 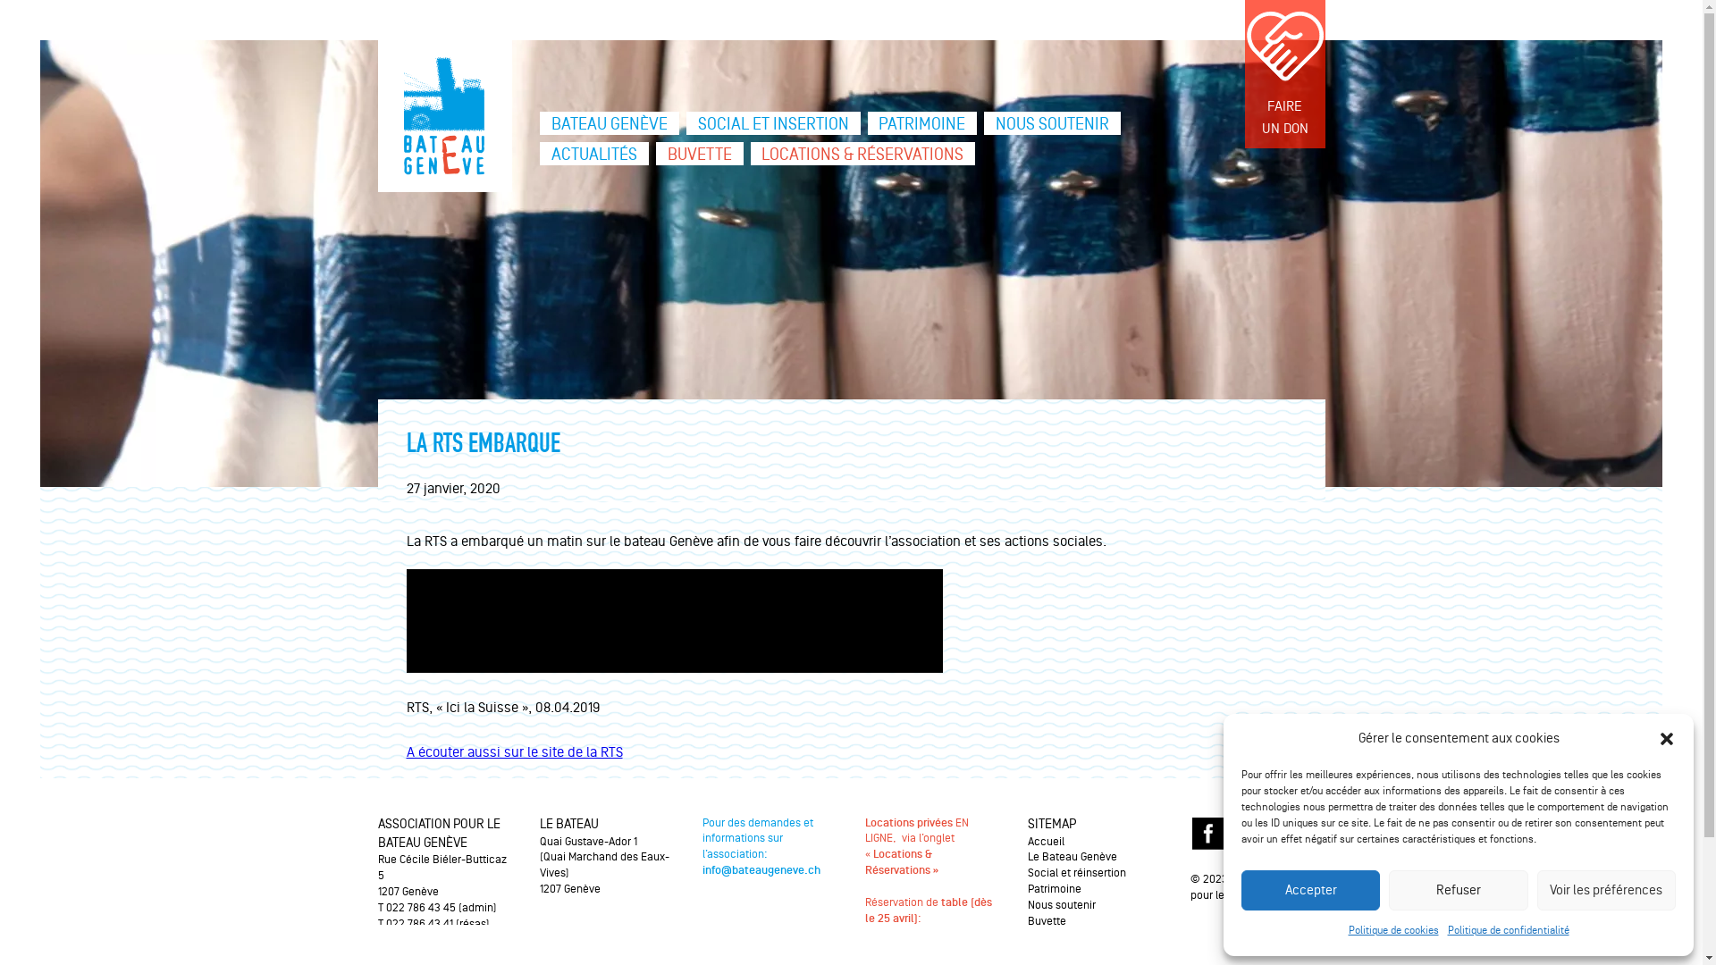 What do you see at coordinates (1190, 834) in the screenshot?
I see `'FACEBOOK'` at bounding box center [1190, 834].